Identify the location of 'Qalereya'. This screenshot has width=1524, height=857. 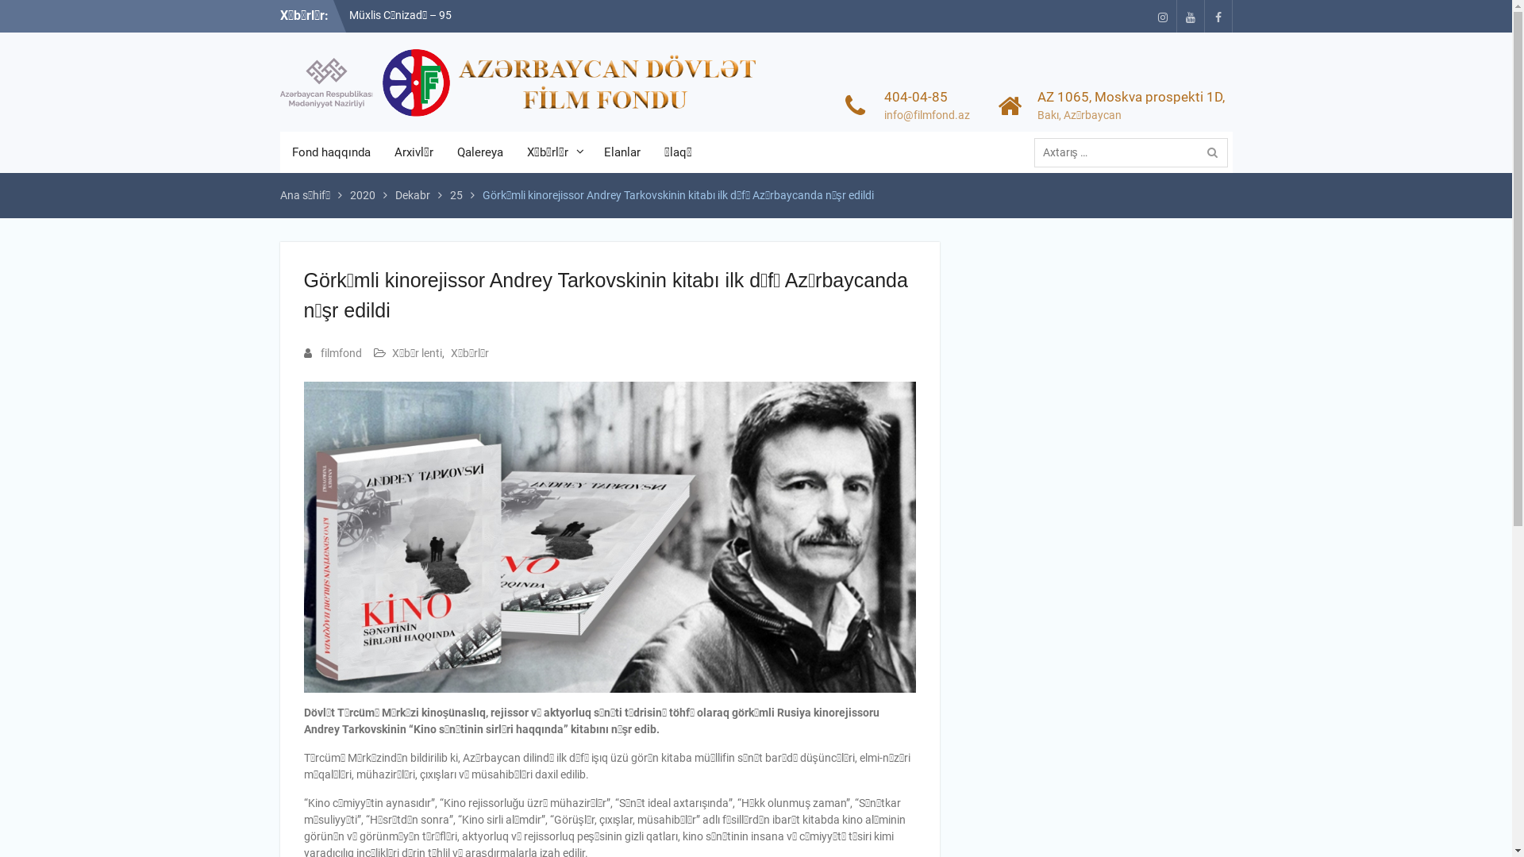
(479, 152).